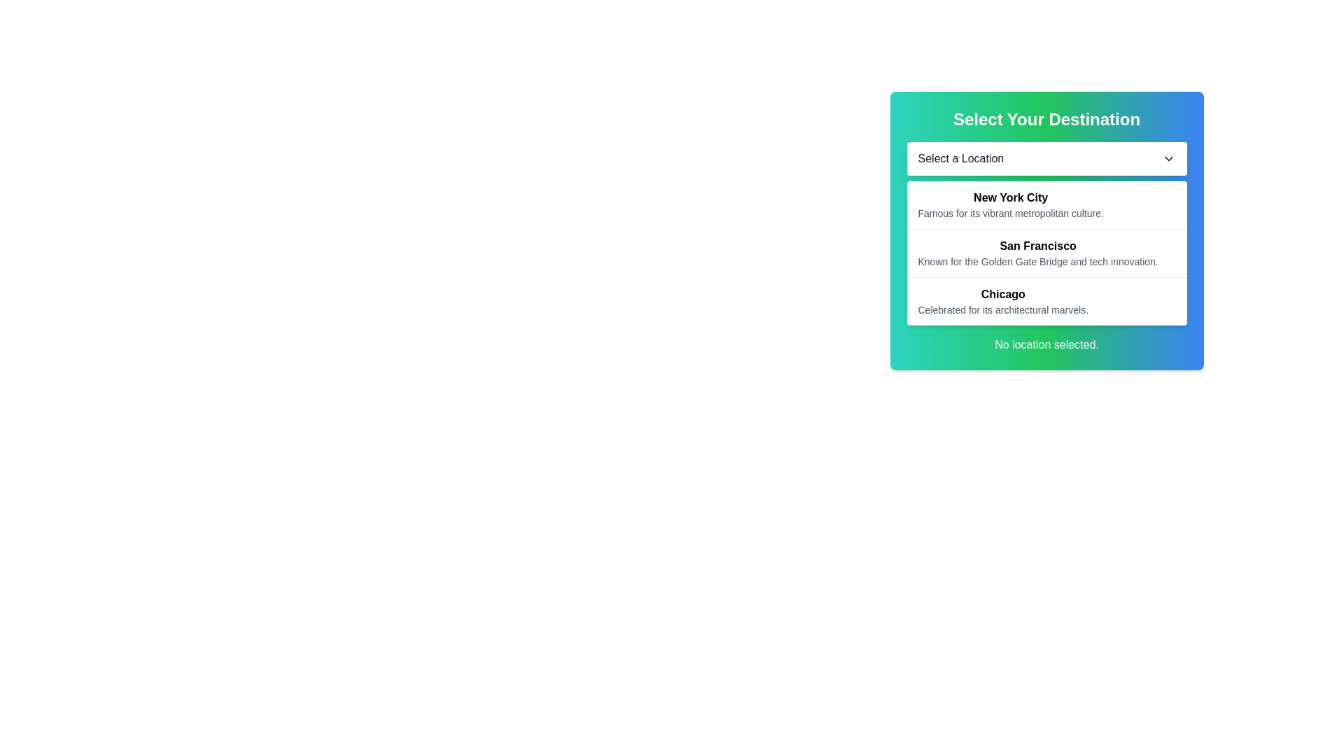 The width and height of the screenshot is (1344, 756). Describe the element at coordinates (1002, 293) in the screenshot. I see `the text label displaying 'Chicago' which is the third destination entry under the 'Select a Location' dropdown` at that location.